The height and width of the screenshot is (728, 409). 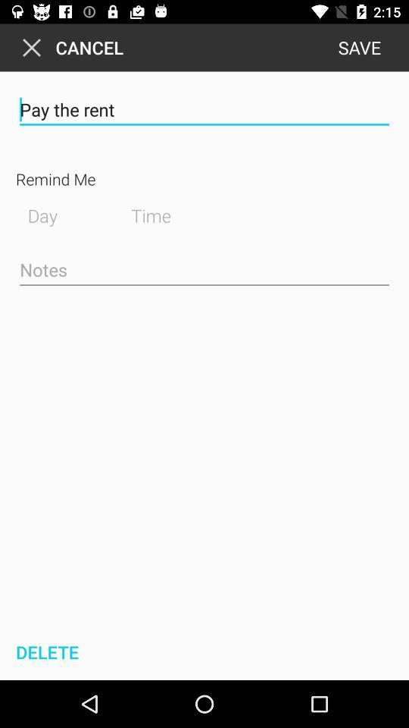 What do you see at coordinates (58, 213) in the screenshot?
I see `the icon to the left of time item` at bounding box center [58, 213].